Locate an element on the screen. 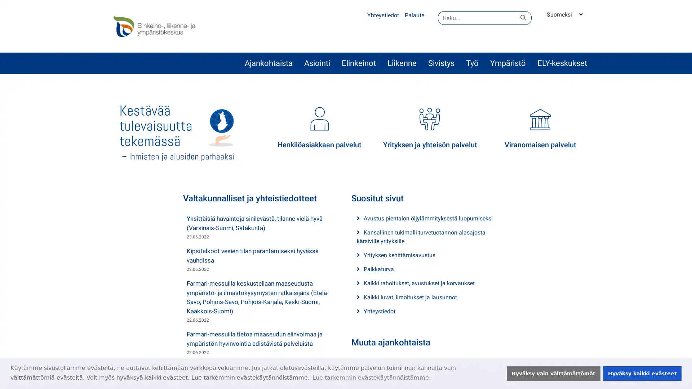  deny cookies is located at coordinates (553, 373).